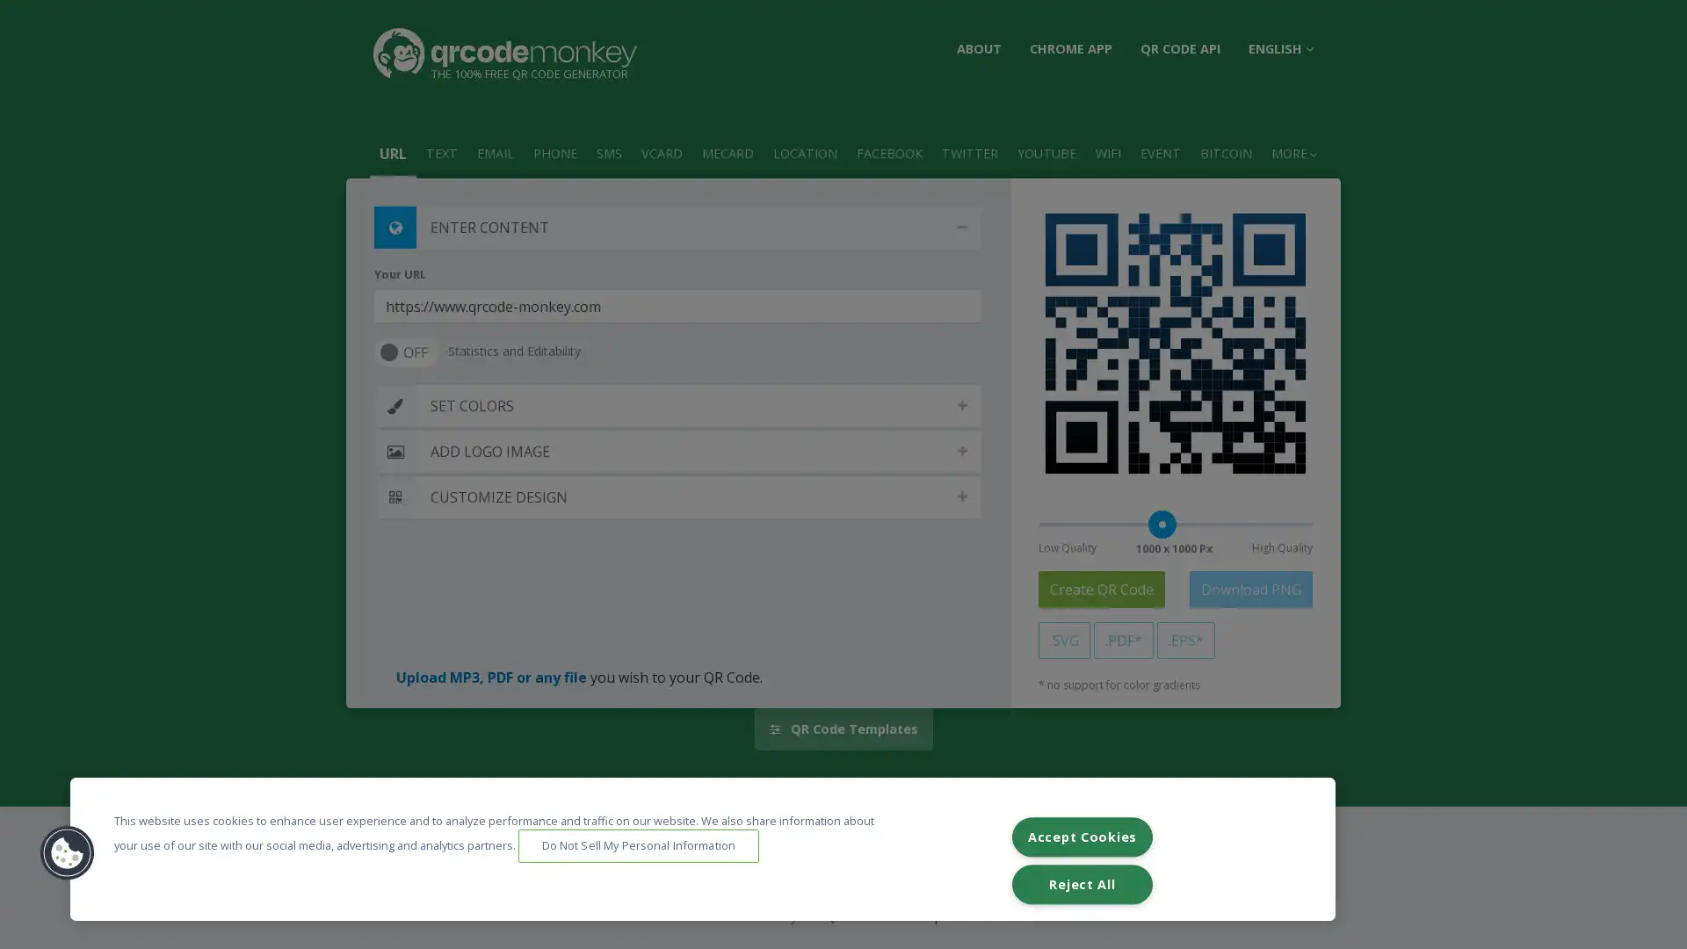  I want to click on Reject All, so click(1080, 884).